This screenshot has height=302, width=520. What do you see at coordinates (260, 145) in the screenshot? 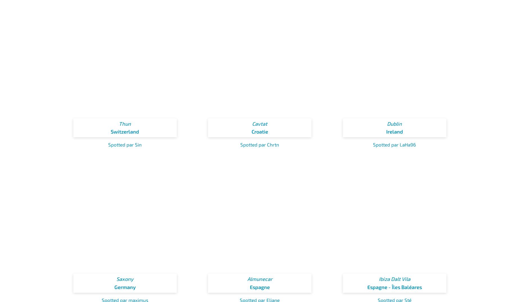
I see `'Spotted par Chrtn'` at bounding box center [260, 145].